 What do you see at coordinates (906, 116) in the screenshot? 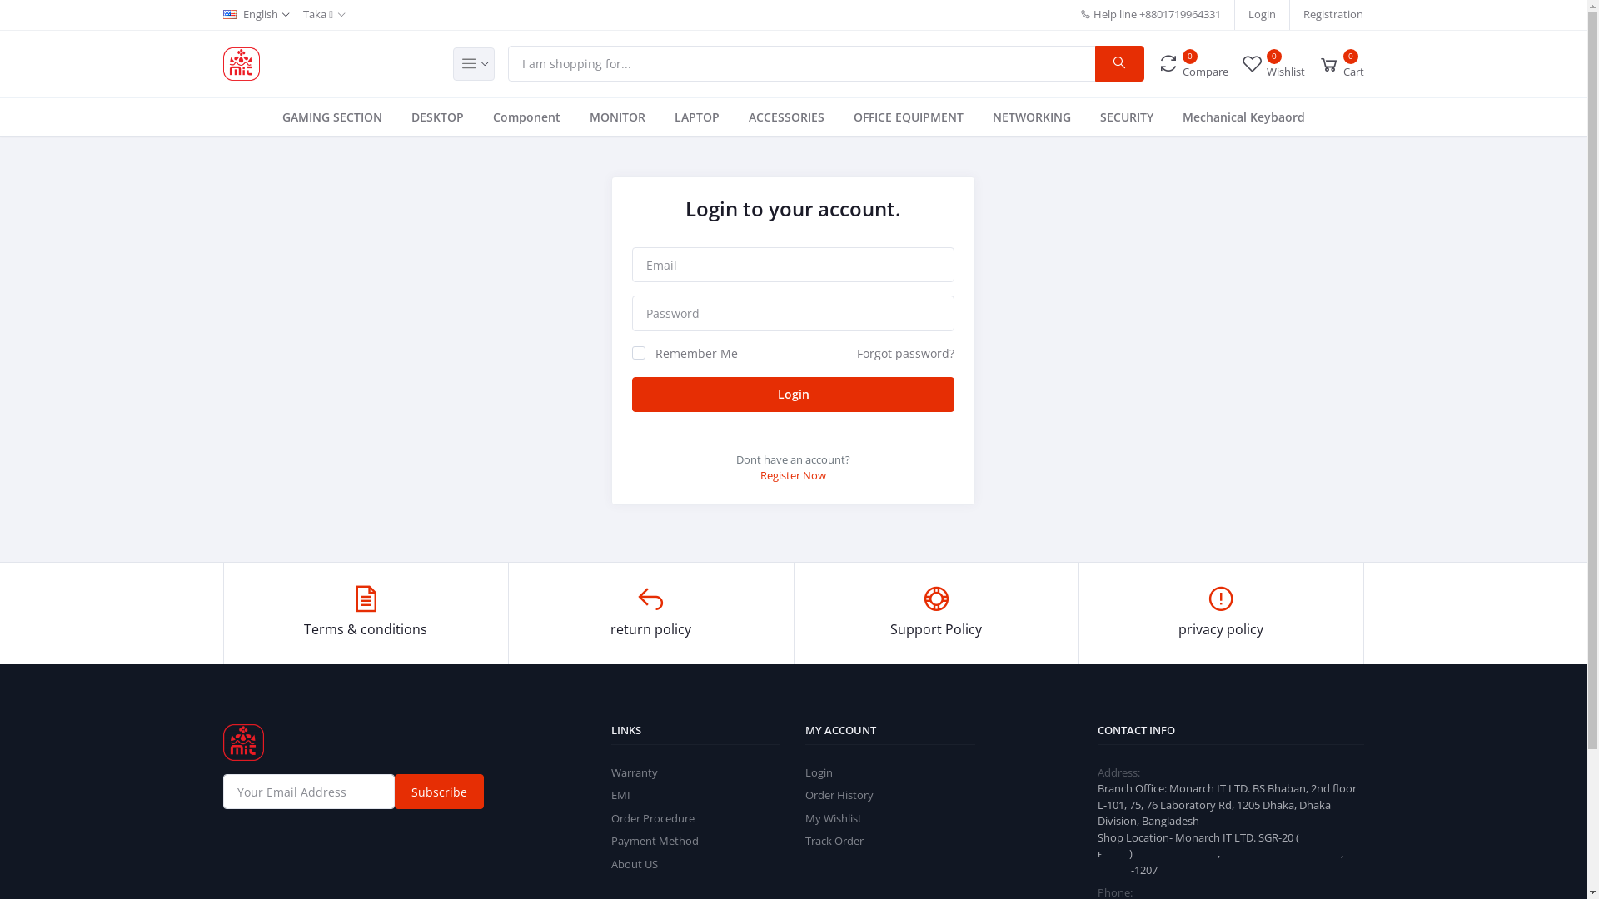
I see `'OFFICE EQUIPMENT'` at bounding box center [906, 116].